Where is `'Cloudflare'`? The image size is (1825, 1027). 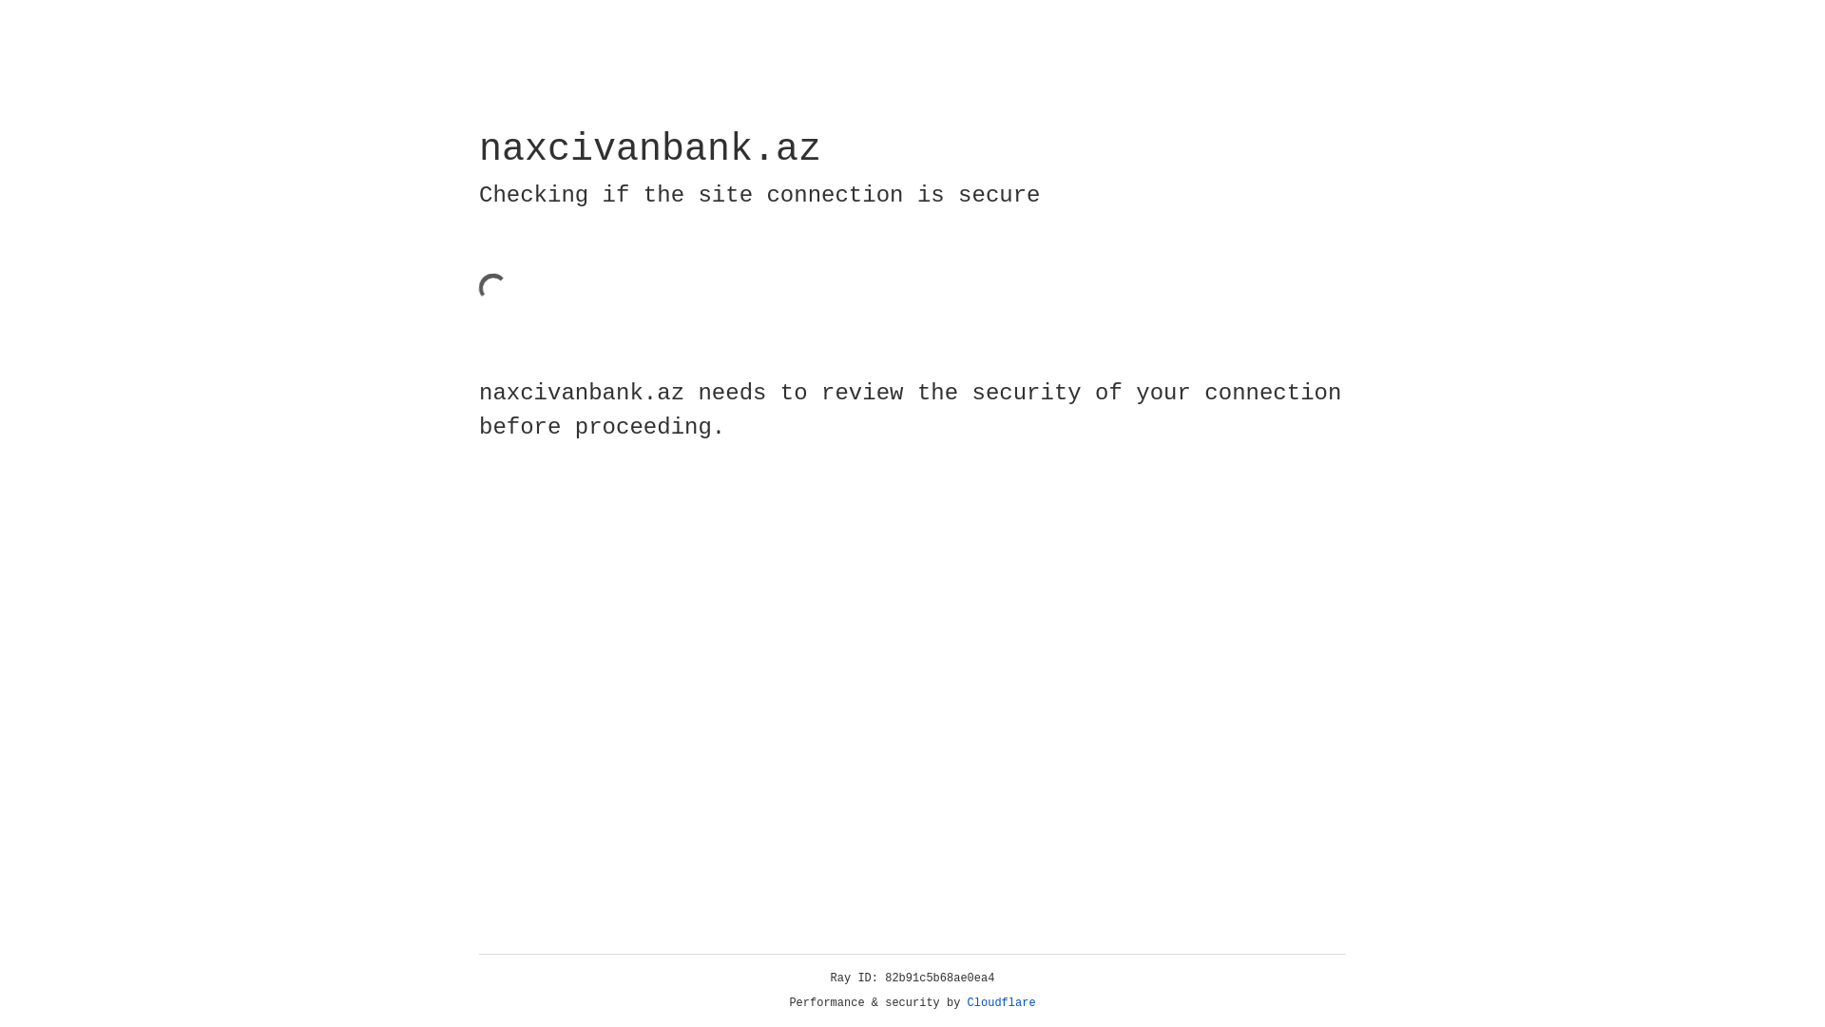 'Cloudflare' is located at coordinates (1001, 1002).